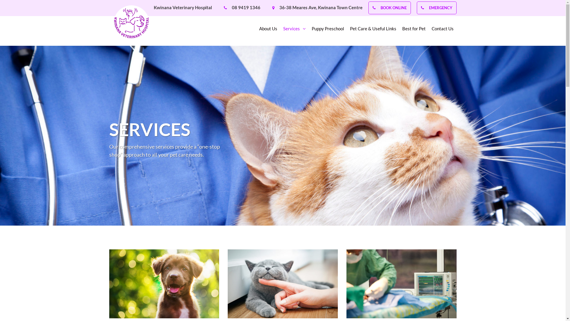 The height and width of the screenshot is (321, 570). I want to click on 'Pet Care & Useful Links', so click(373, 30).